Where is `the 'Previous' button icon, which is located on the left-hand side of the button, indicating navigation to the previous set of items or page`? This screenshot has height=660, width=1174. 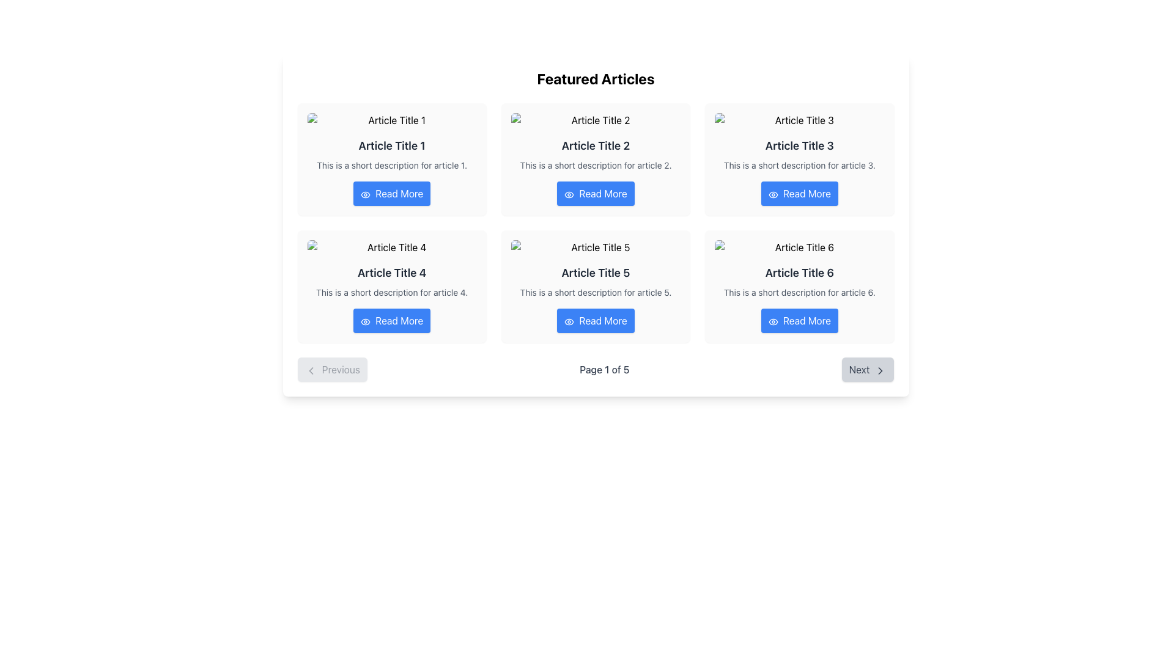 the 'Previous' button icon, which is located on the left-hand side of the button, indicating navigation to the previous set of items or page is located at coordinates (311, 370).